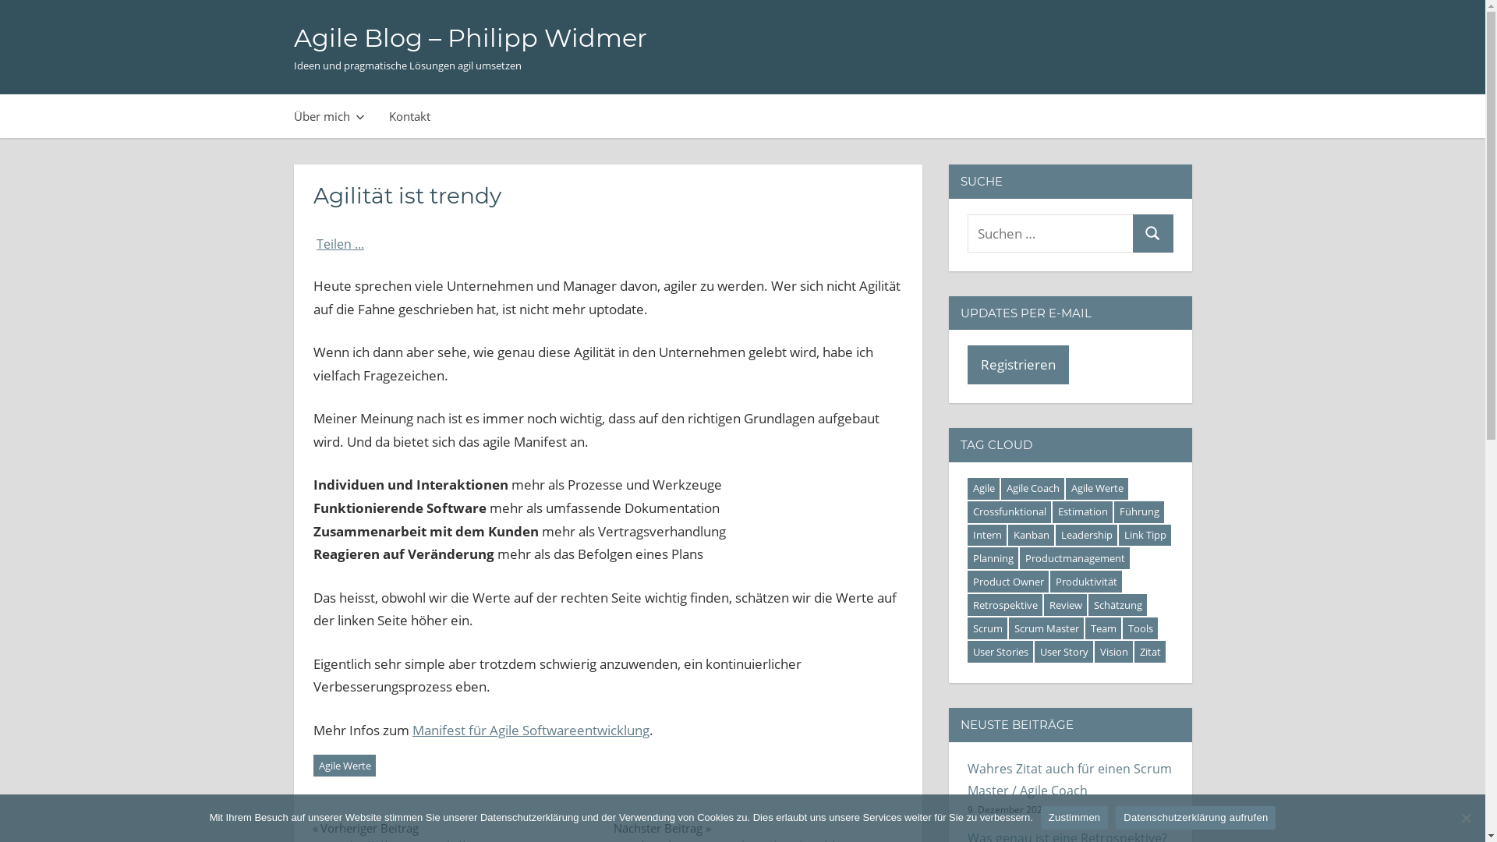 The image size is (1497, 842). Describe the element at coordinates (1017, 364) in the screenshot. I see `'Registrieren'` at that location.